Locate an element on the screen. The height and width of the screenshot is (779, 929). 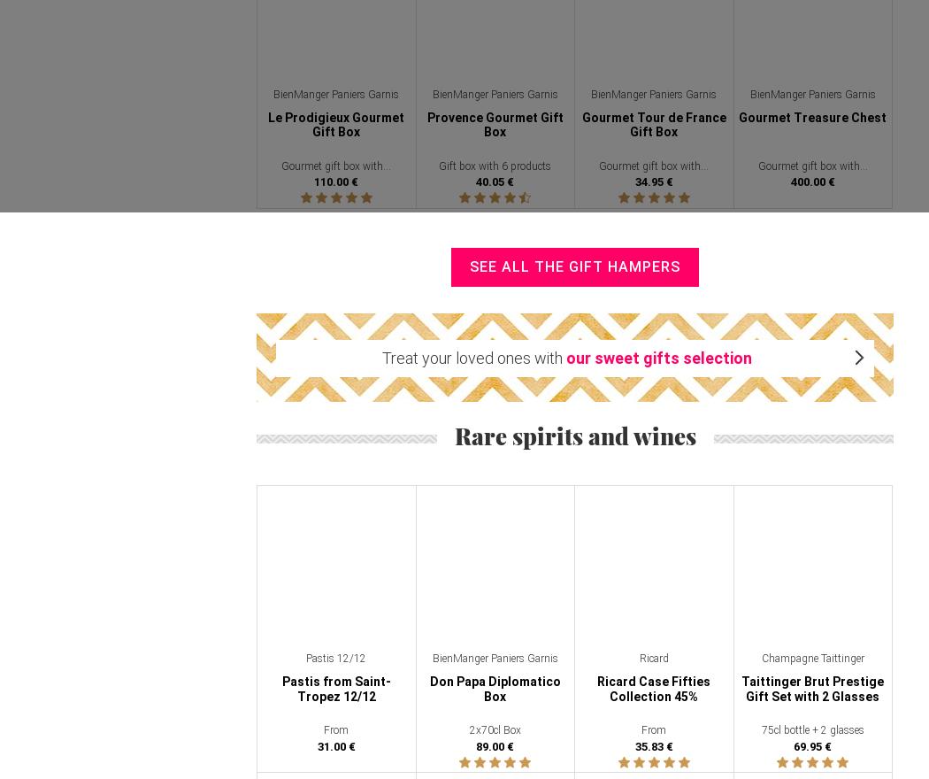
'See all the gift hampers' is located at coordinates (573, 265).